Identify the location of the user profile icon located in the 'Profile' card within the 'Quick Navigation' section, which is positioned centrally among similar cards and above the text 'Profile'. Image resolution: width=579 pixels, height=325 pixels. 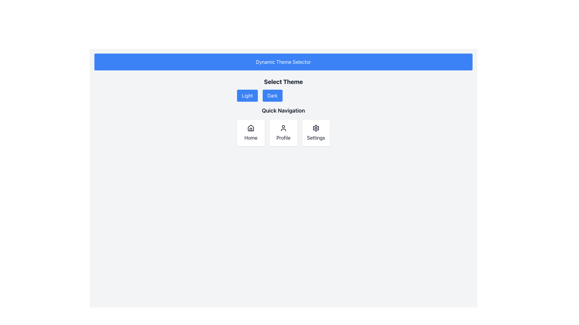
(283, 128).